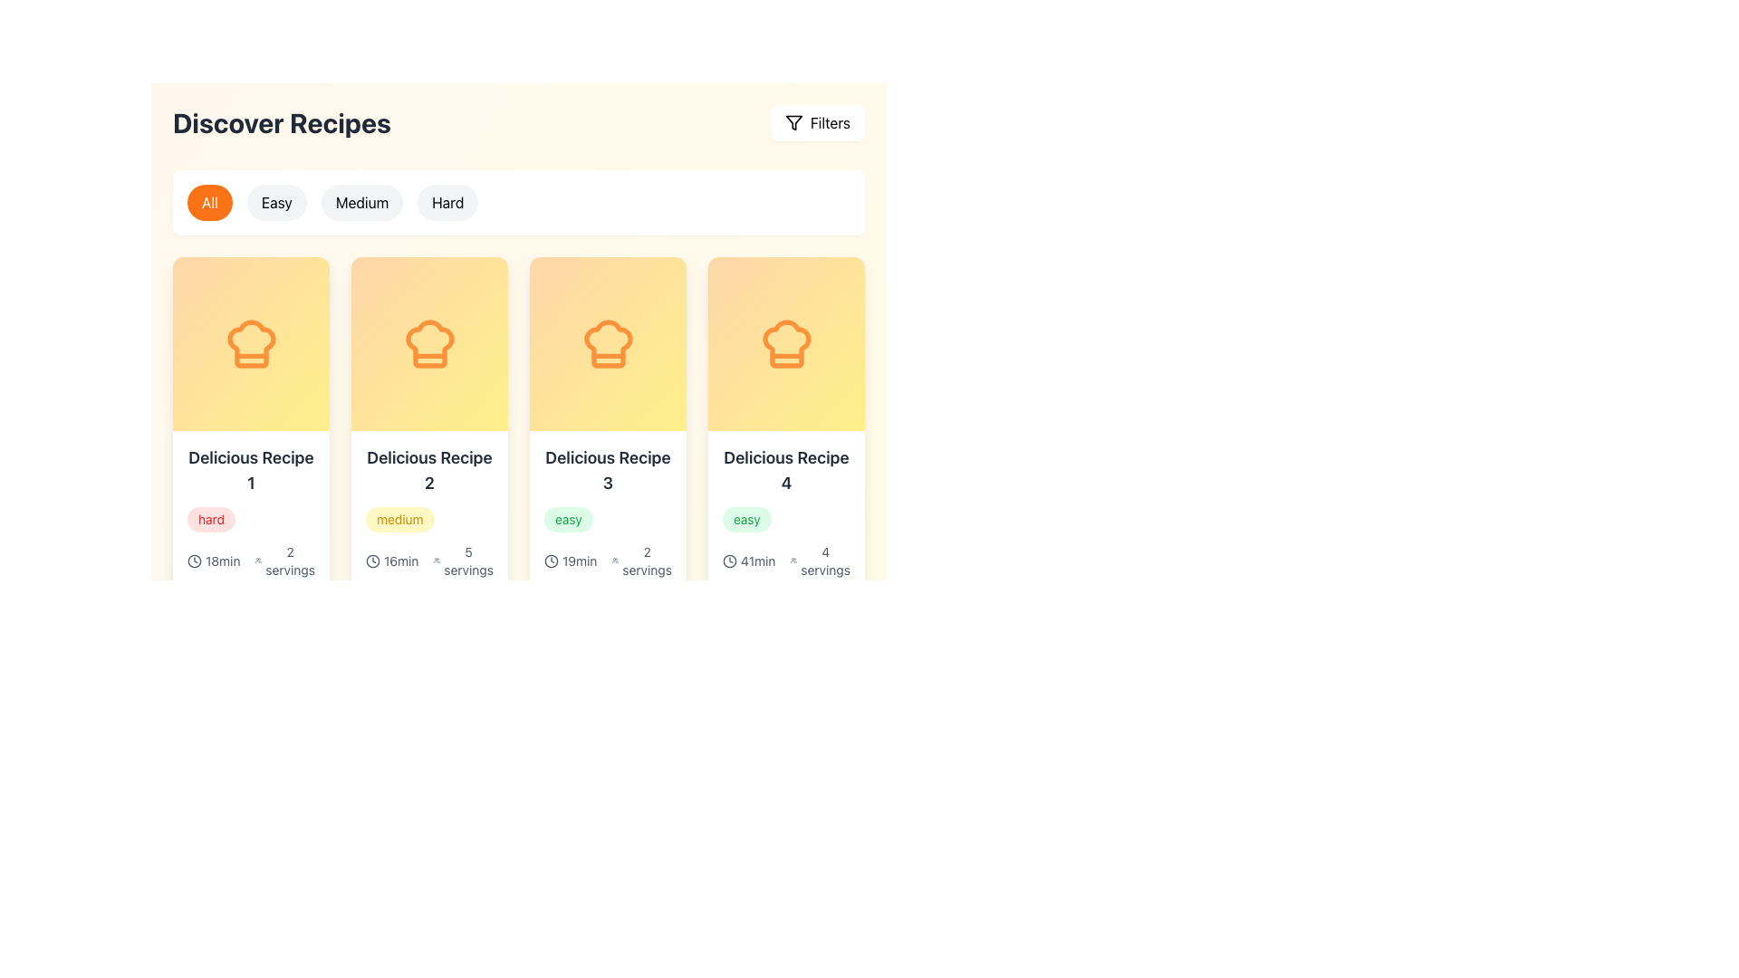  What do you see at coordinates (283, 561) in the screenshot?
I see `serving details from the text element located at the bottom section of the second card in the grid layout, below the 'medium' label and '16min' text, and to the left of the calorie information` at bounding box center [283, 561].